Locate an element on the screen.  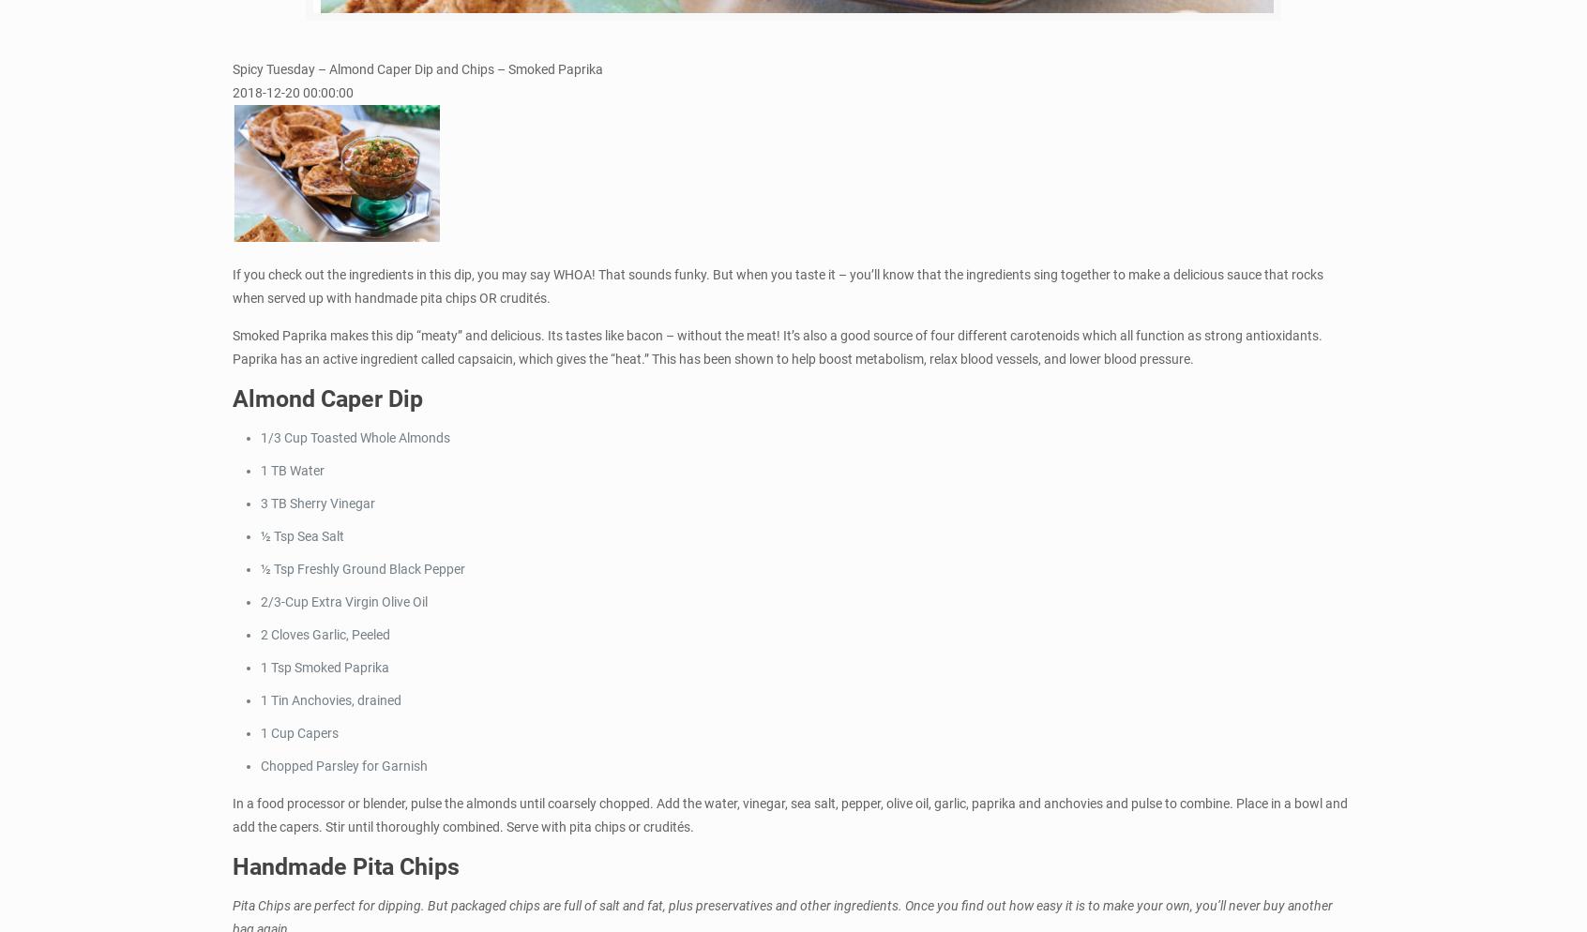
'If you check out the ingredients in this dip, you may say WHOA! That sounds funky. But when you taste it – you’ll know that the ingredients sing together to make a delicious sauce that rocks when served up with handmade pita chips OR crudités.' is located at coordinates (778, 285).